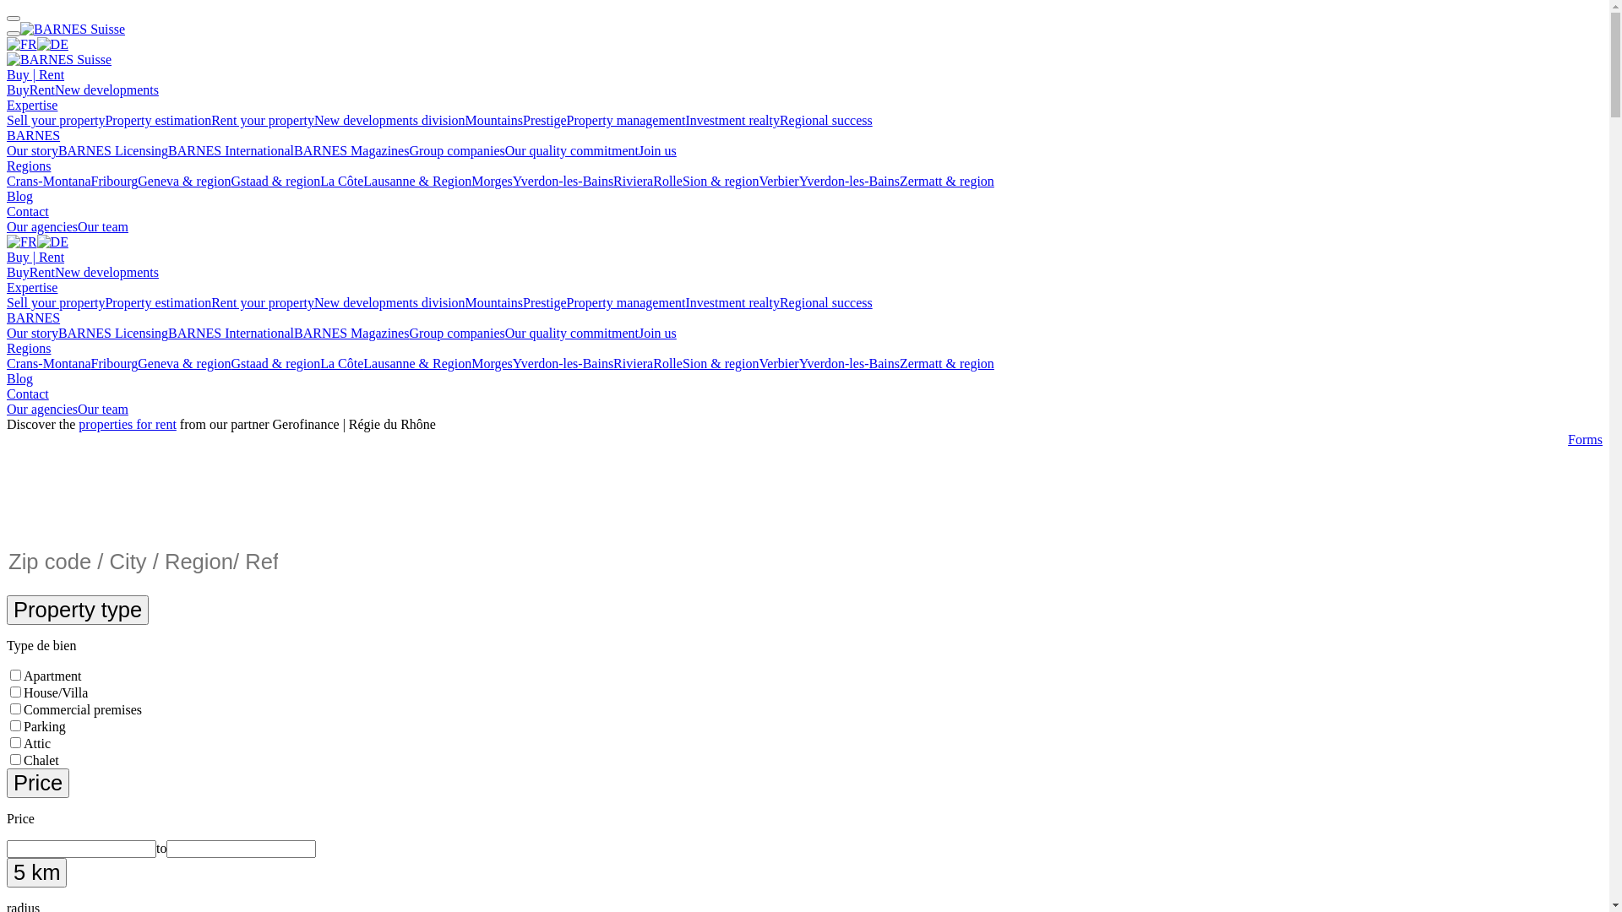  Describe the element at coordinates (417, 181) in the screenshot. I see `'Lausanne & Region'` at that location.